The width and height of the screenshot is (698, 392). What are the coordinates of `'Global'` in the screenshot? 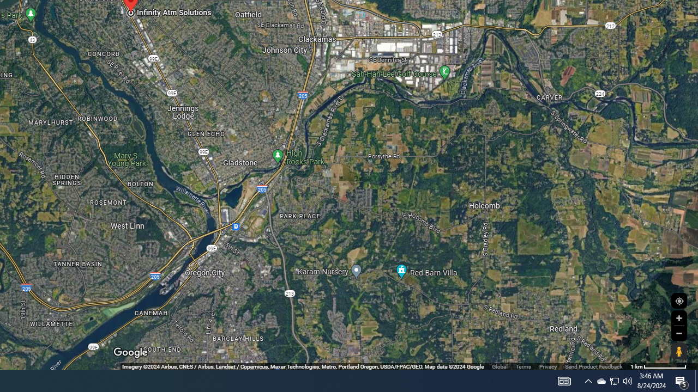 It's located at (499, 366).